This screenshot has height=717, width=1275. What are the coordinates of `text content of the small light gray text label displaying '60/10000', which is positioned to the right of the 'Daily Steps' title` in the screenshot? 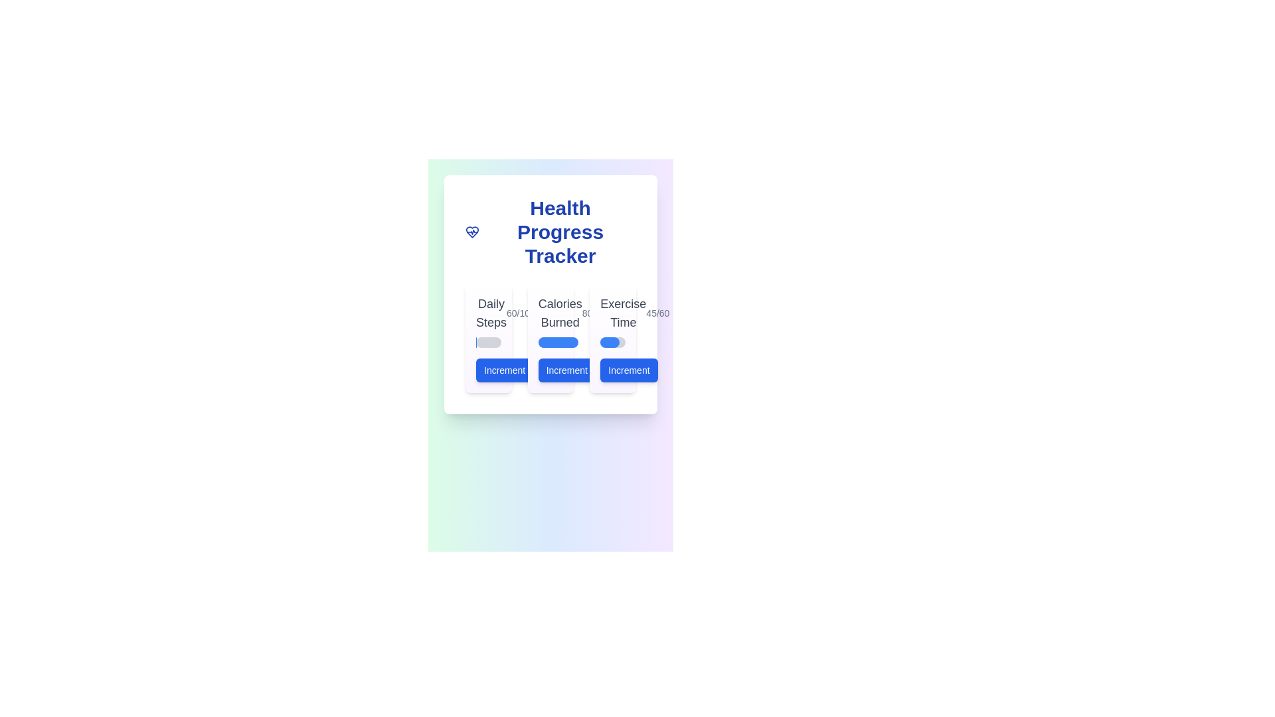 It's located at (525, 313).